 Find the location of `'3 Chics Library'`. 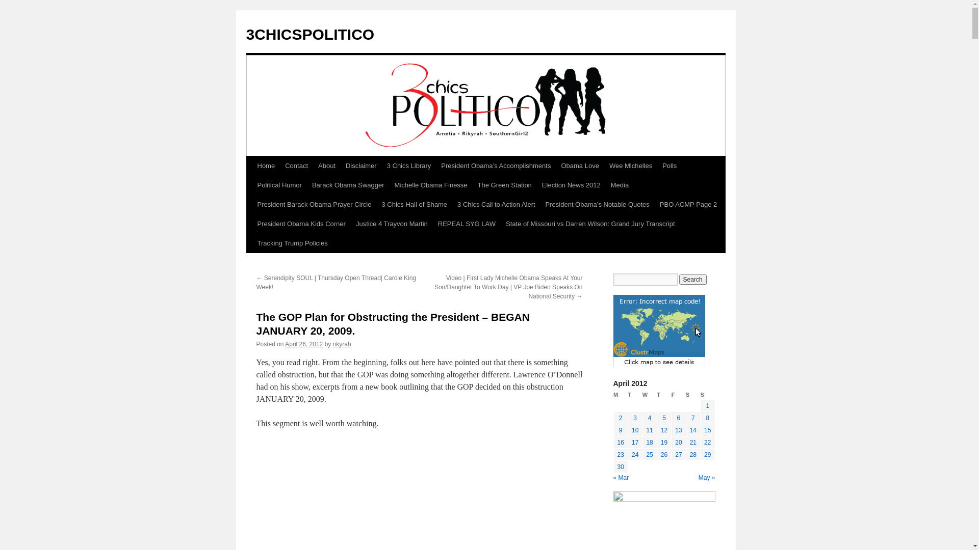

'3 Chics Library' is located at coordinates (409, 166).